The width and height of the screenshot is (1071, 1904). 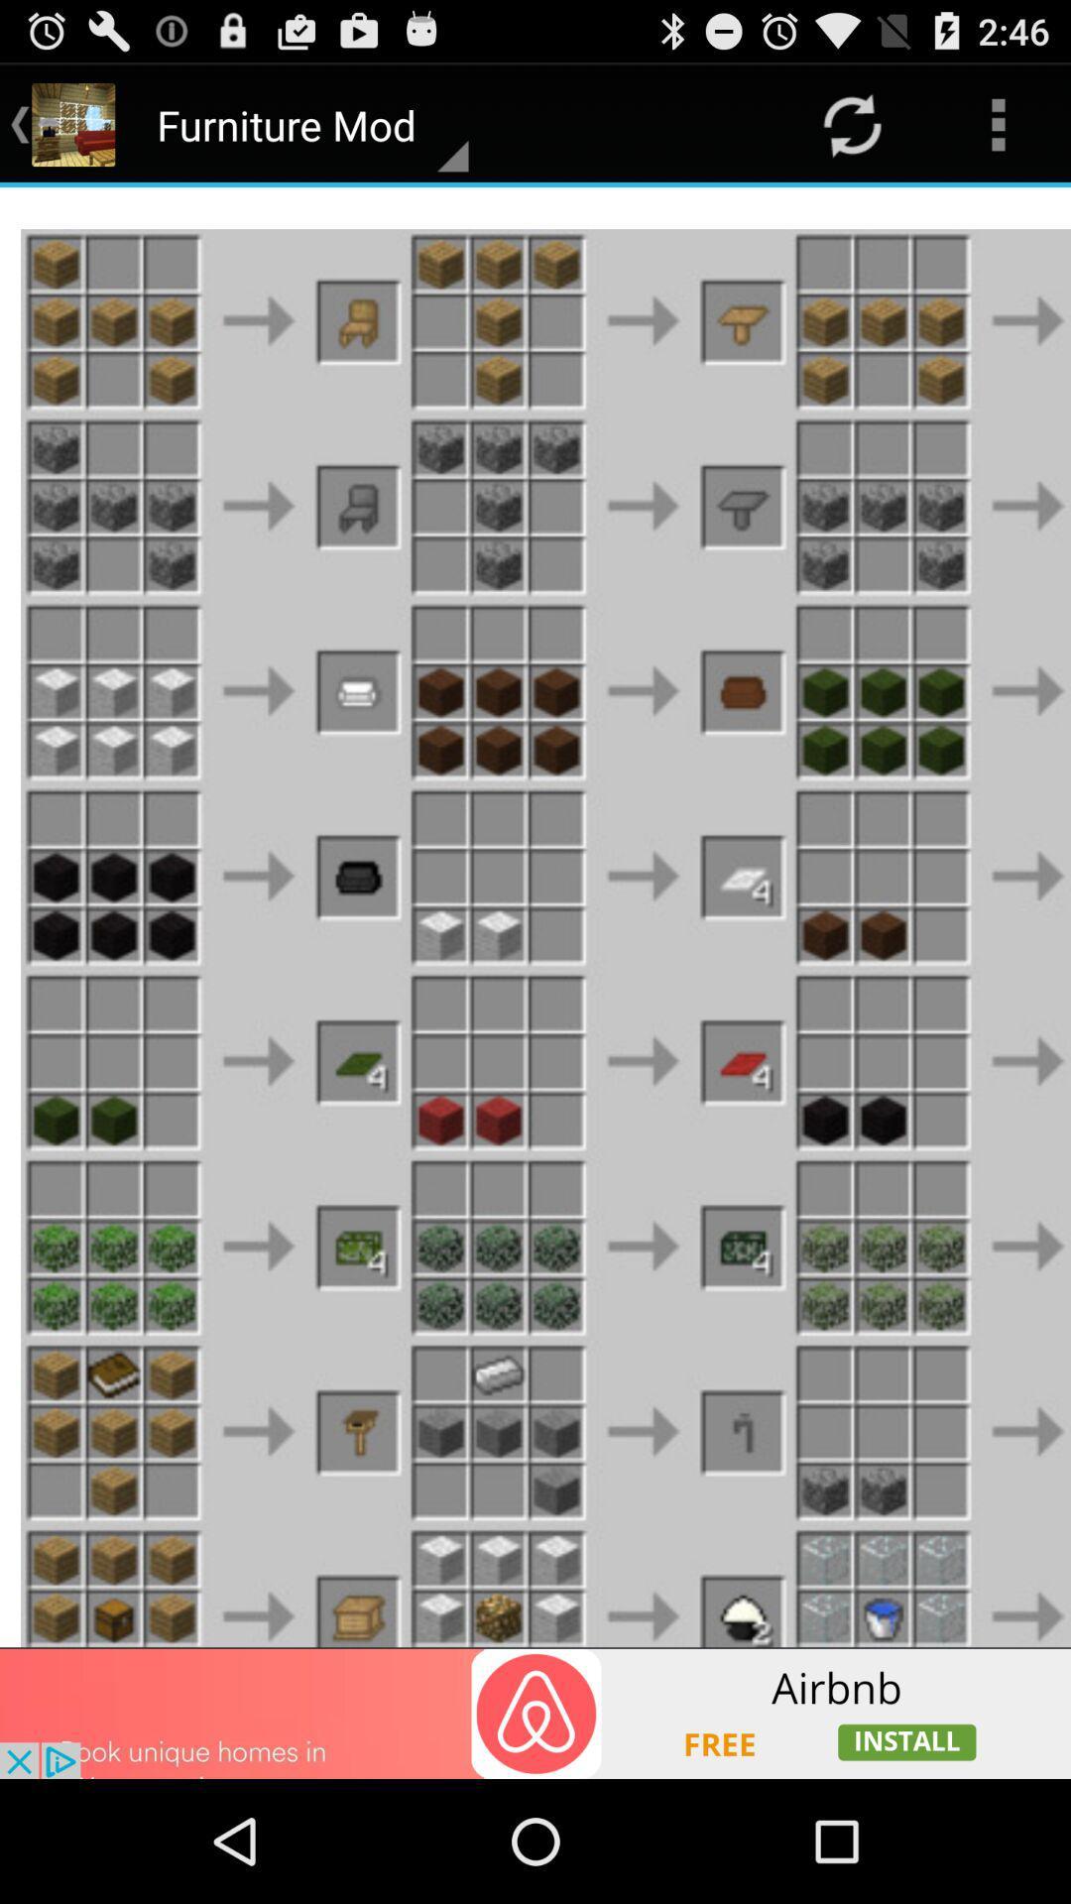 I want to click on advertisement, so click(x=535, y=1713).